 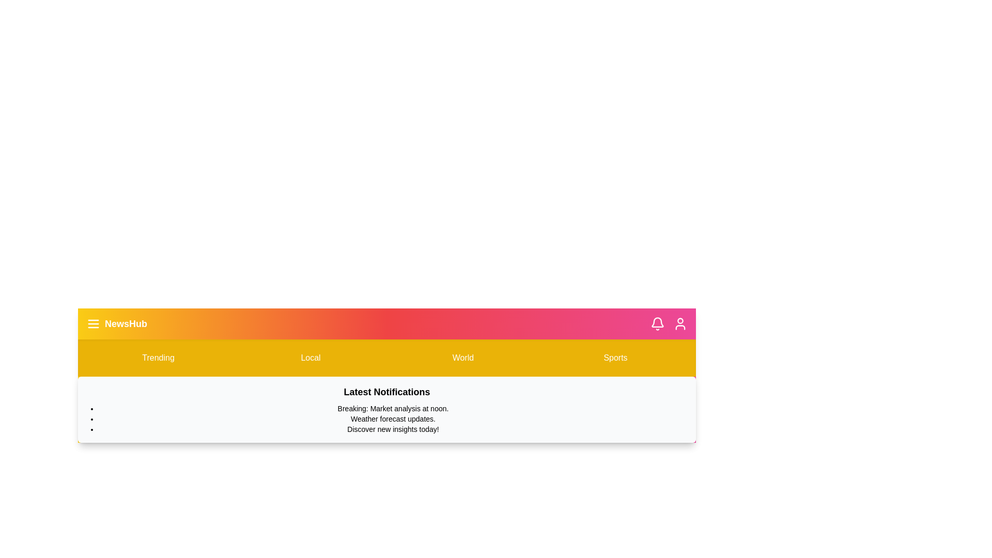 I want to click on the Sports button in the menu, so click(x=615, y=358).